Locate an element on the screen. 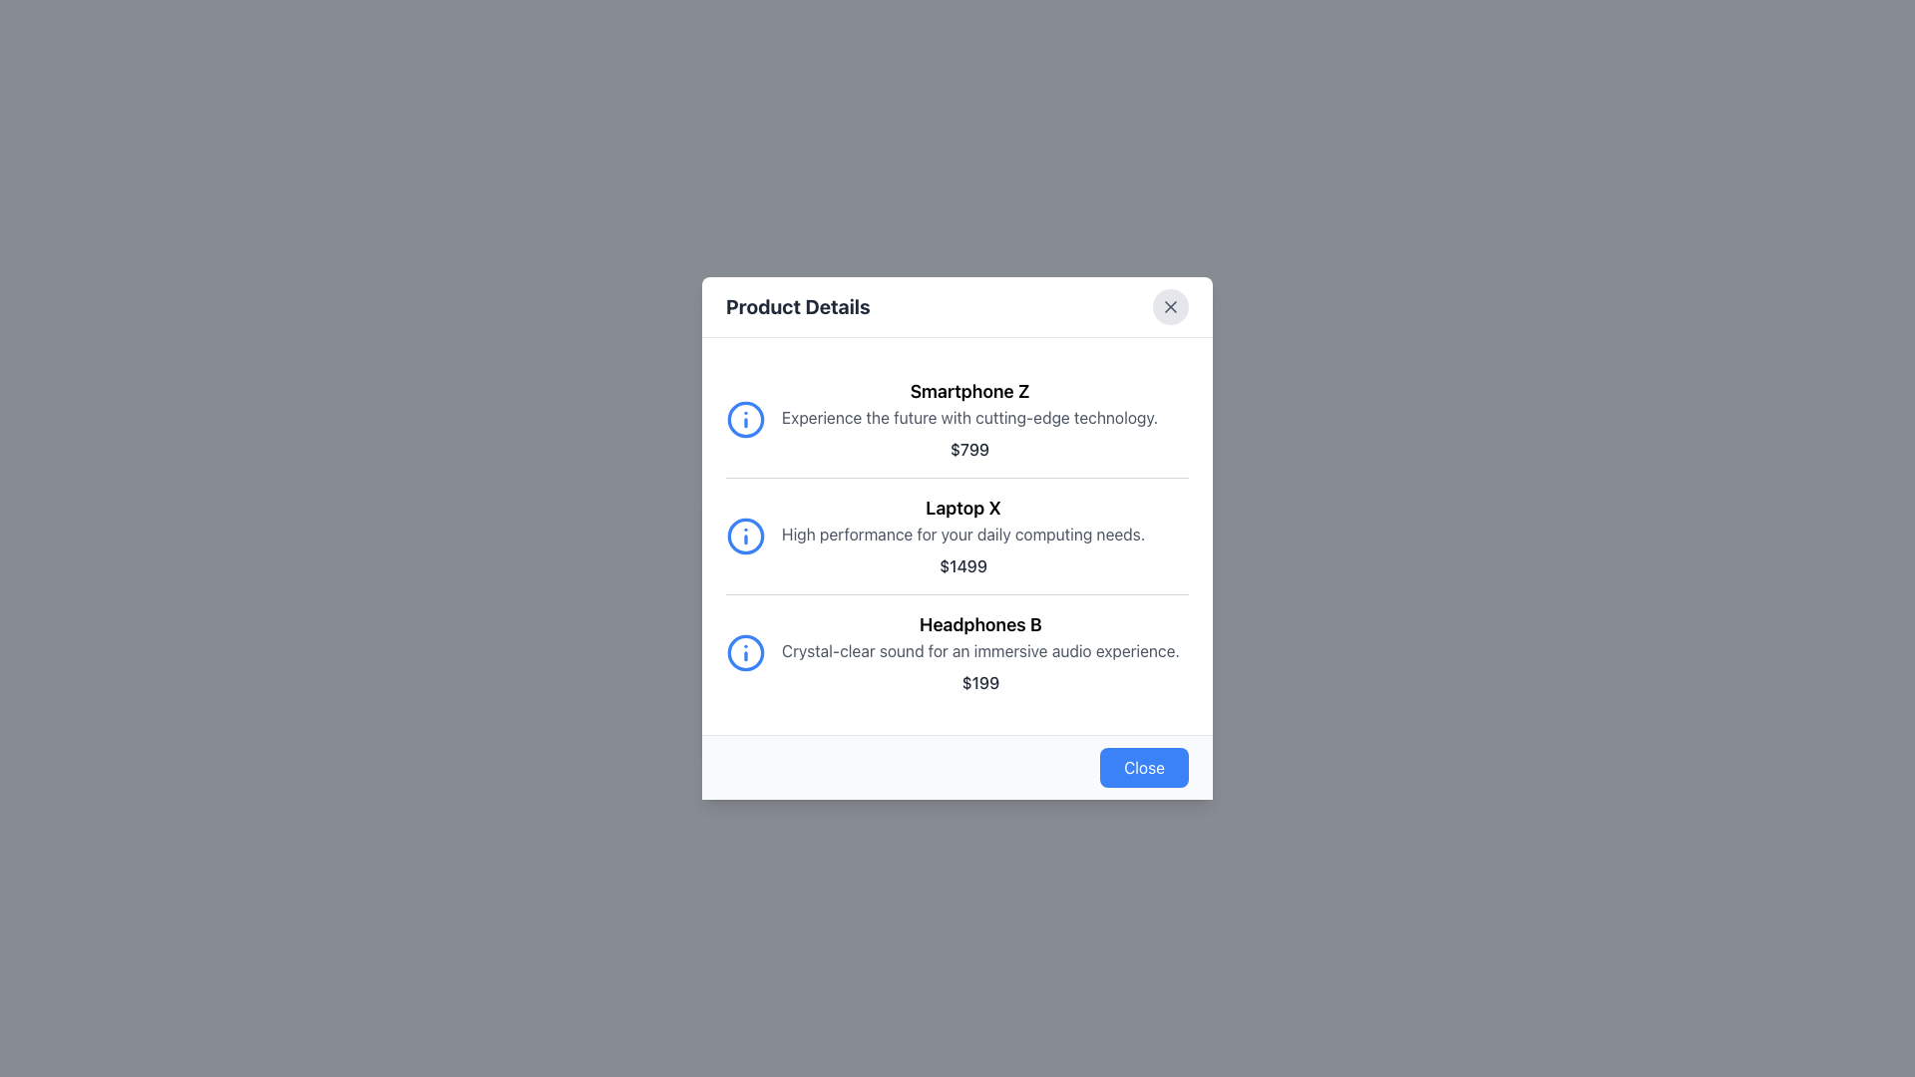  the Information icon located in the dialog box for 'Headphones B', positioned to the left of its title is located at coordinates (745, 653).